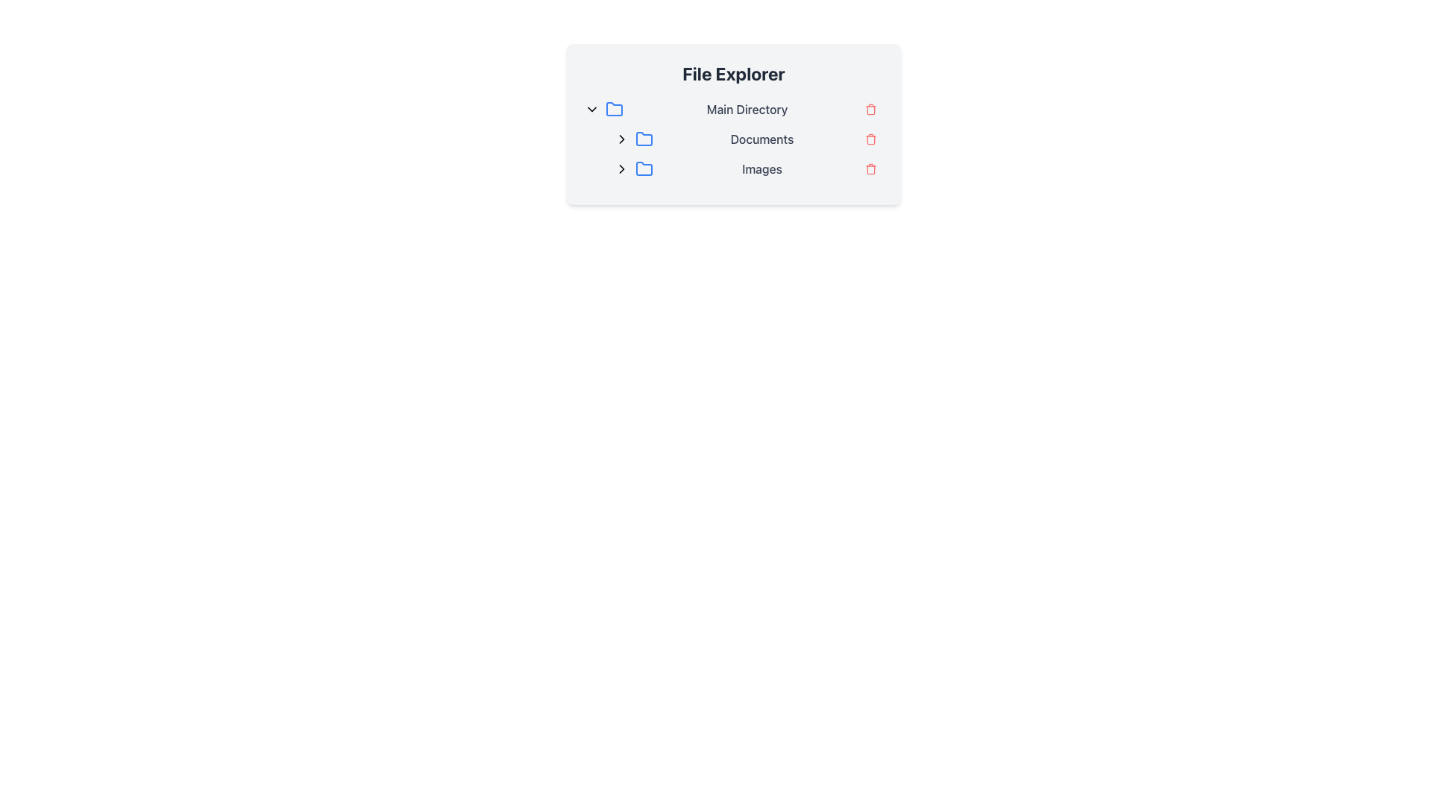  I want to click on the folder icon representing the 'Images' directory in the file explorer, so click(644, 168).